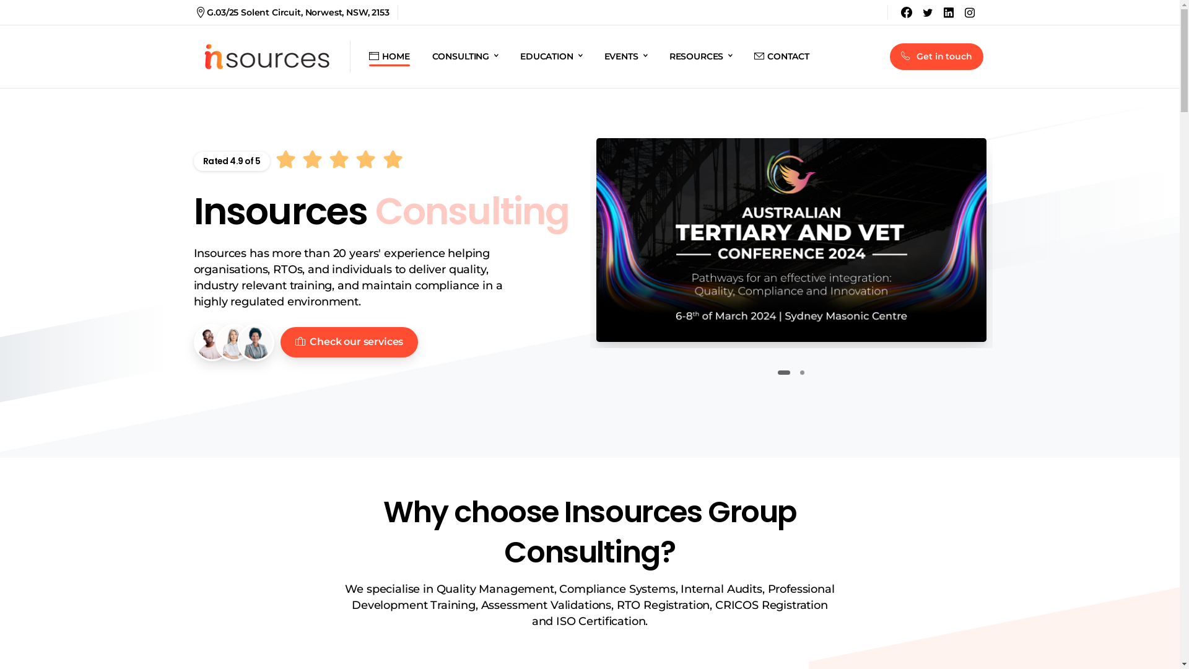 The image size is (1189, 669). What do you see at coordinates (701, 56) in the screenshot?
I see `'RESOURCES'` at bounding box center [701, 56].